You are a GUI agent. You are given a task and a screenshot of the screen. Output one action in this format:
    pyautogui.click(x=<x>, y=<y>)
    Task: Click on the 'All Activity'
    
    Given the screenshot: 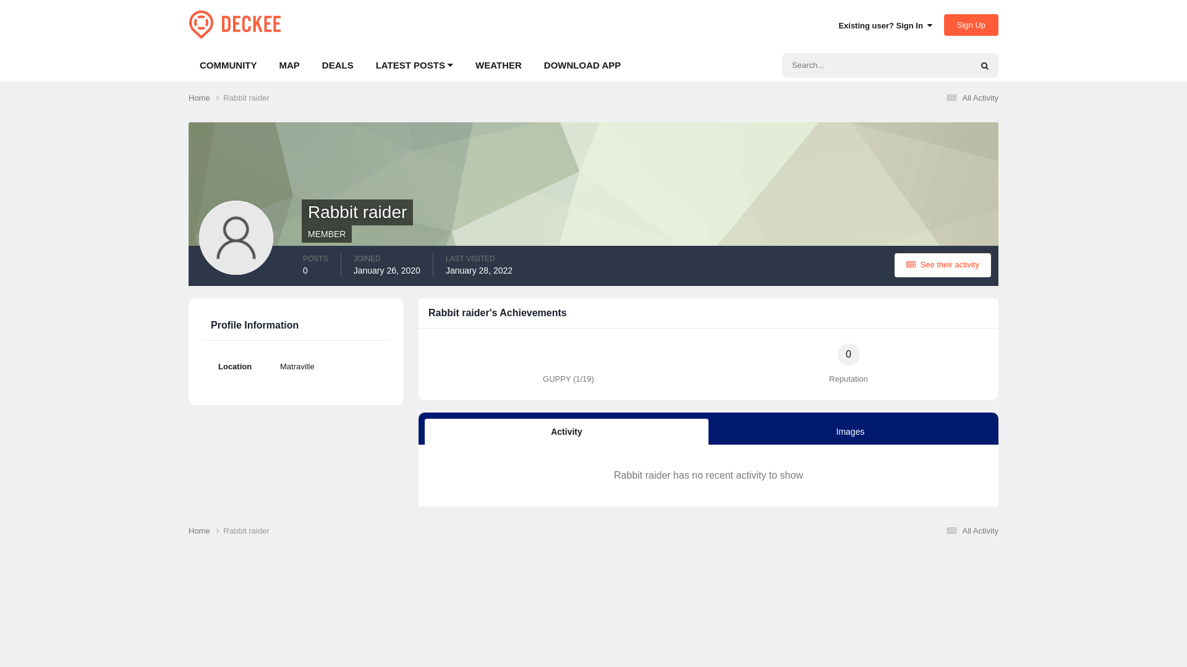 What is the action you would take?
    pyautogui.click(x=970, y=97)
    